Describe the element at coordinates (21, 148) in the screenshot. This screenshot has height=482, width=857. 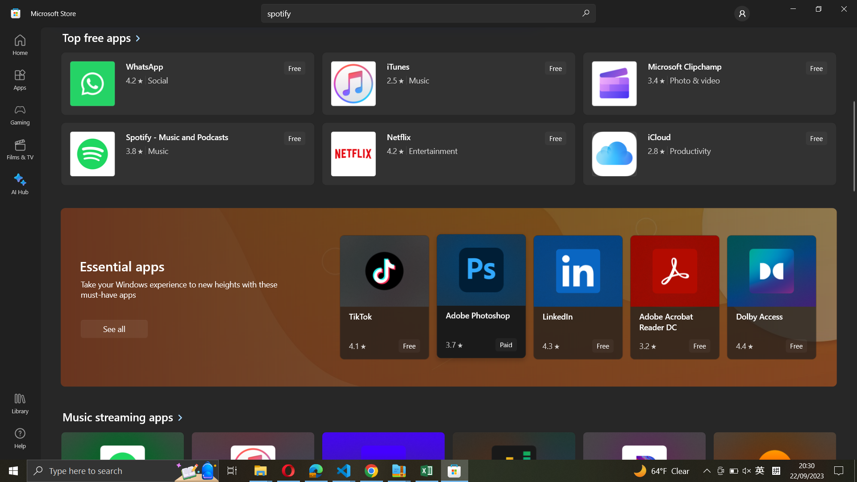
I see `the Films & TV application` at that location.